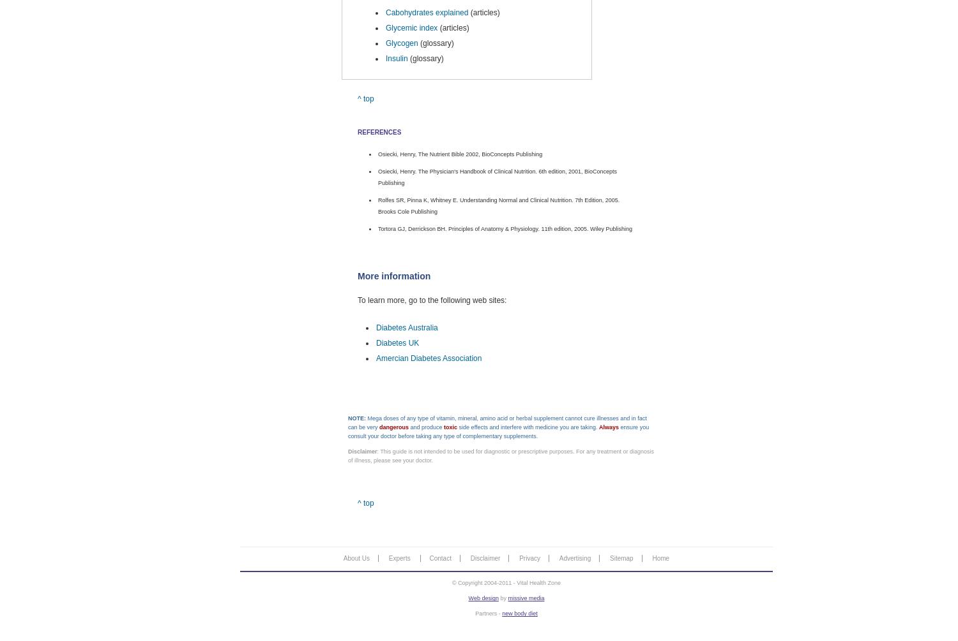 This screenshot has height=641, width=958. Describe the element at coordinates (519, 612) in the screenshot. I see `'new body diet'` at that location.